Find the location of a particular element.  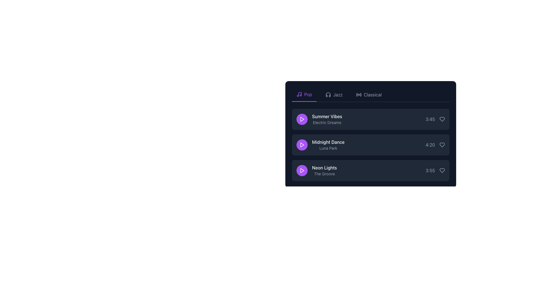

text display element titled 'Neon Lights' which contains the title in white and description in gray, located in the third row to the right of the play button is located at coordinates (324, 170).